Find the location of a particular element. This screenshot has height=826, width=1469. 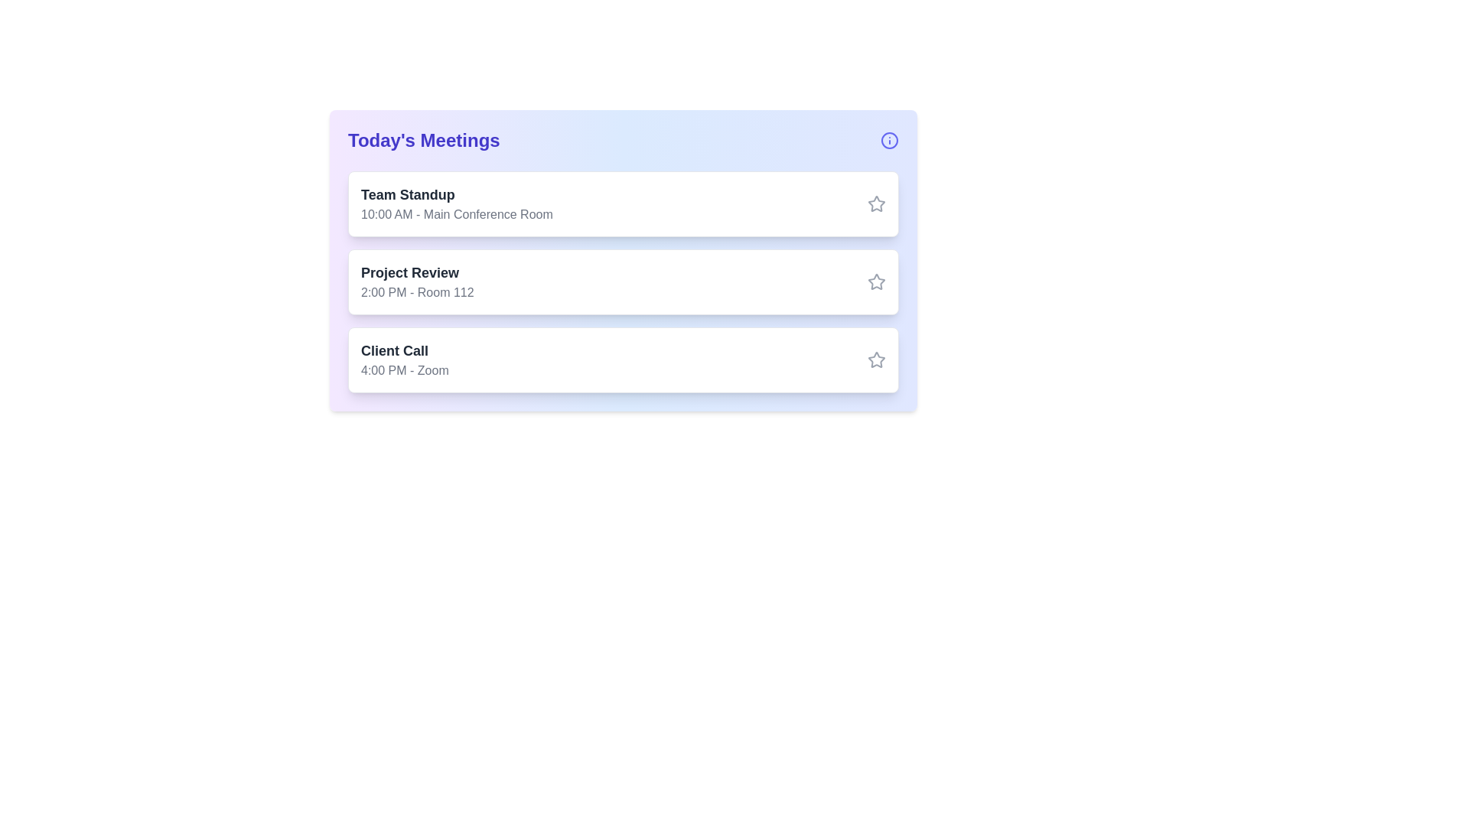

the header text element that serves as the title for the section indicating the purpose or content of the meeting details below is located at coordinates (424, 141).